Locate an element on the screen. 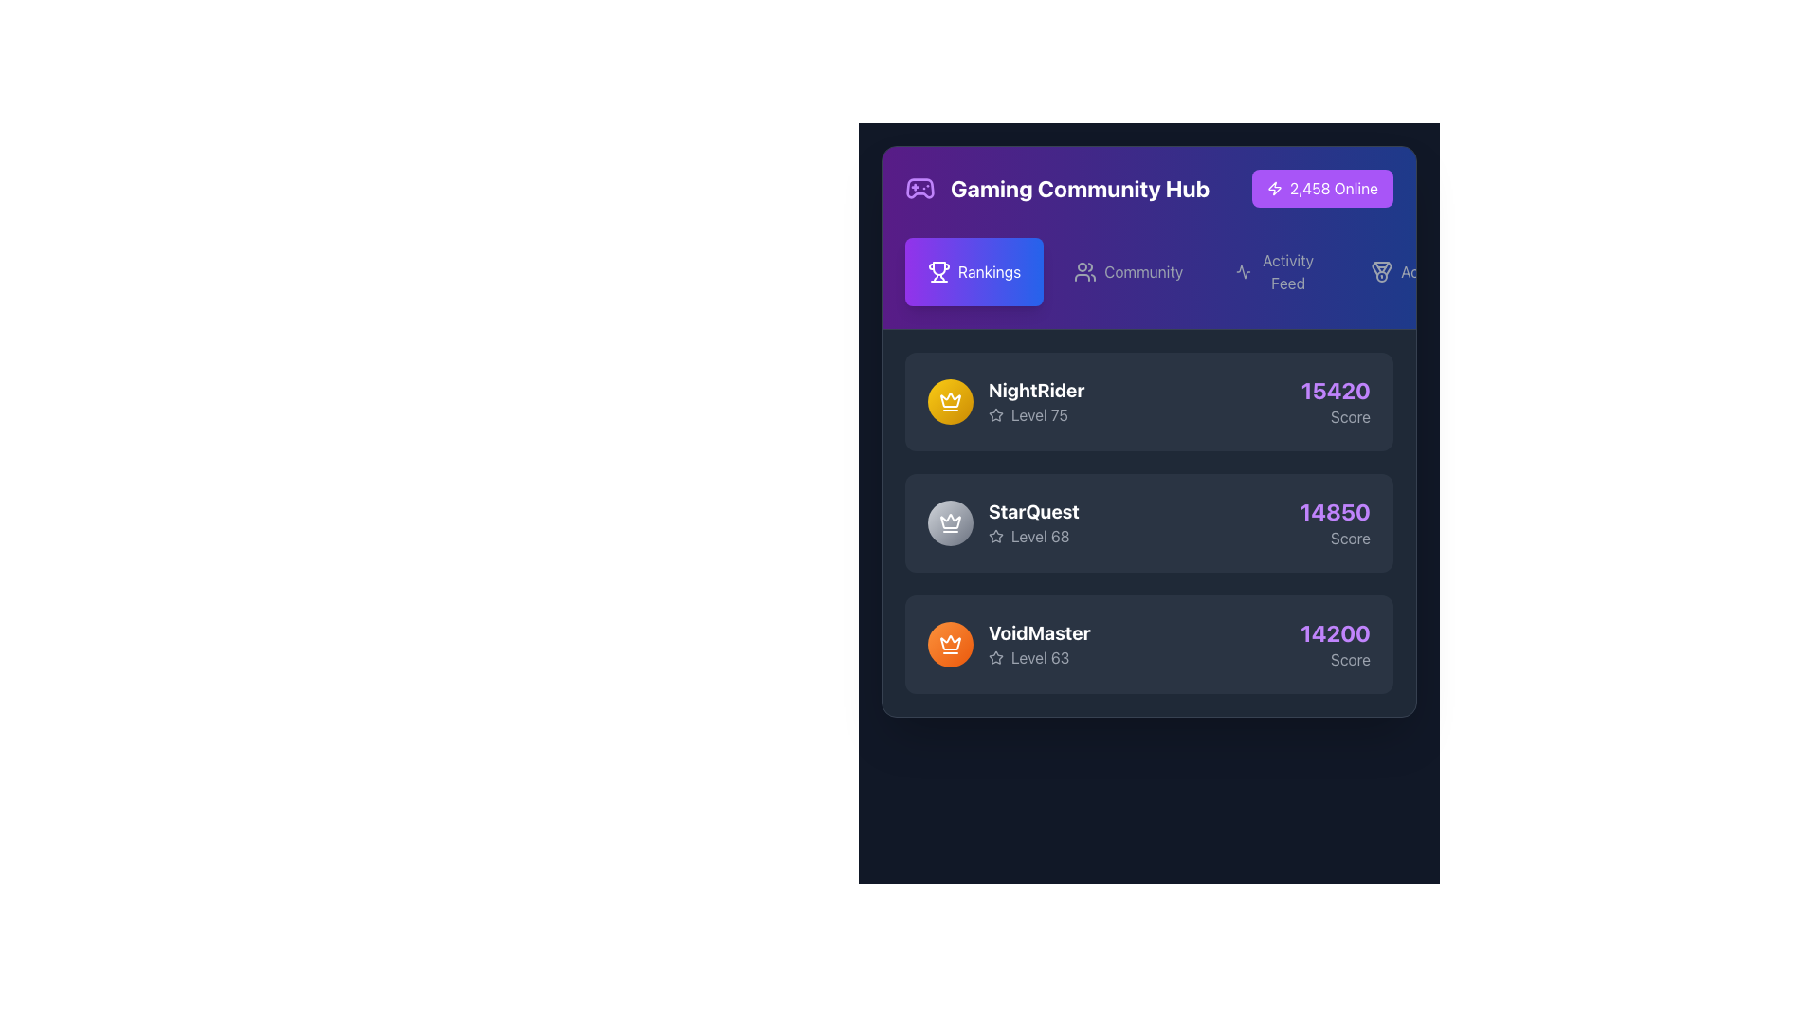 The height and width of the screenshot is (1024, 1820). the small star icon with a thin light gray border adjacent to the text 'Level 68' in the leaderboard for user 'StarQuest' is located at coordinates (995, 537).